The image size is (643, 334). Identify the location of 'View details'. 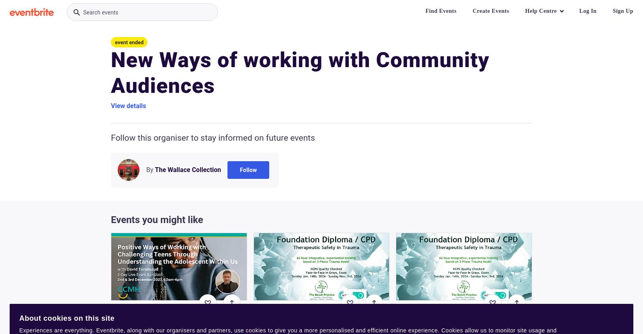
(128, 105).